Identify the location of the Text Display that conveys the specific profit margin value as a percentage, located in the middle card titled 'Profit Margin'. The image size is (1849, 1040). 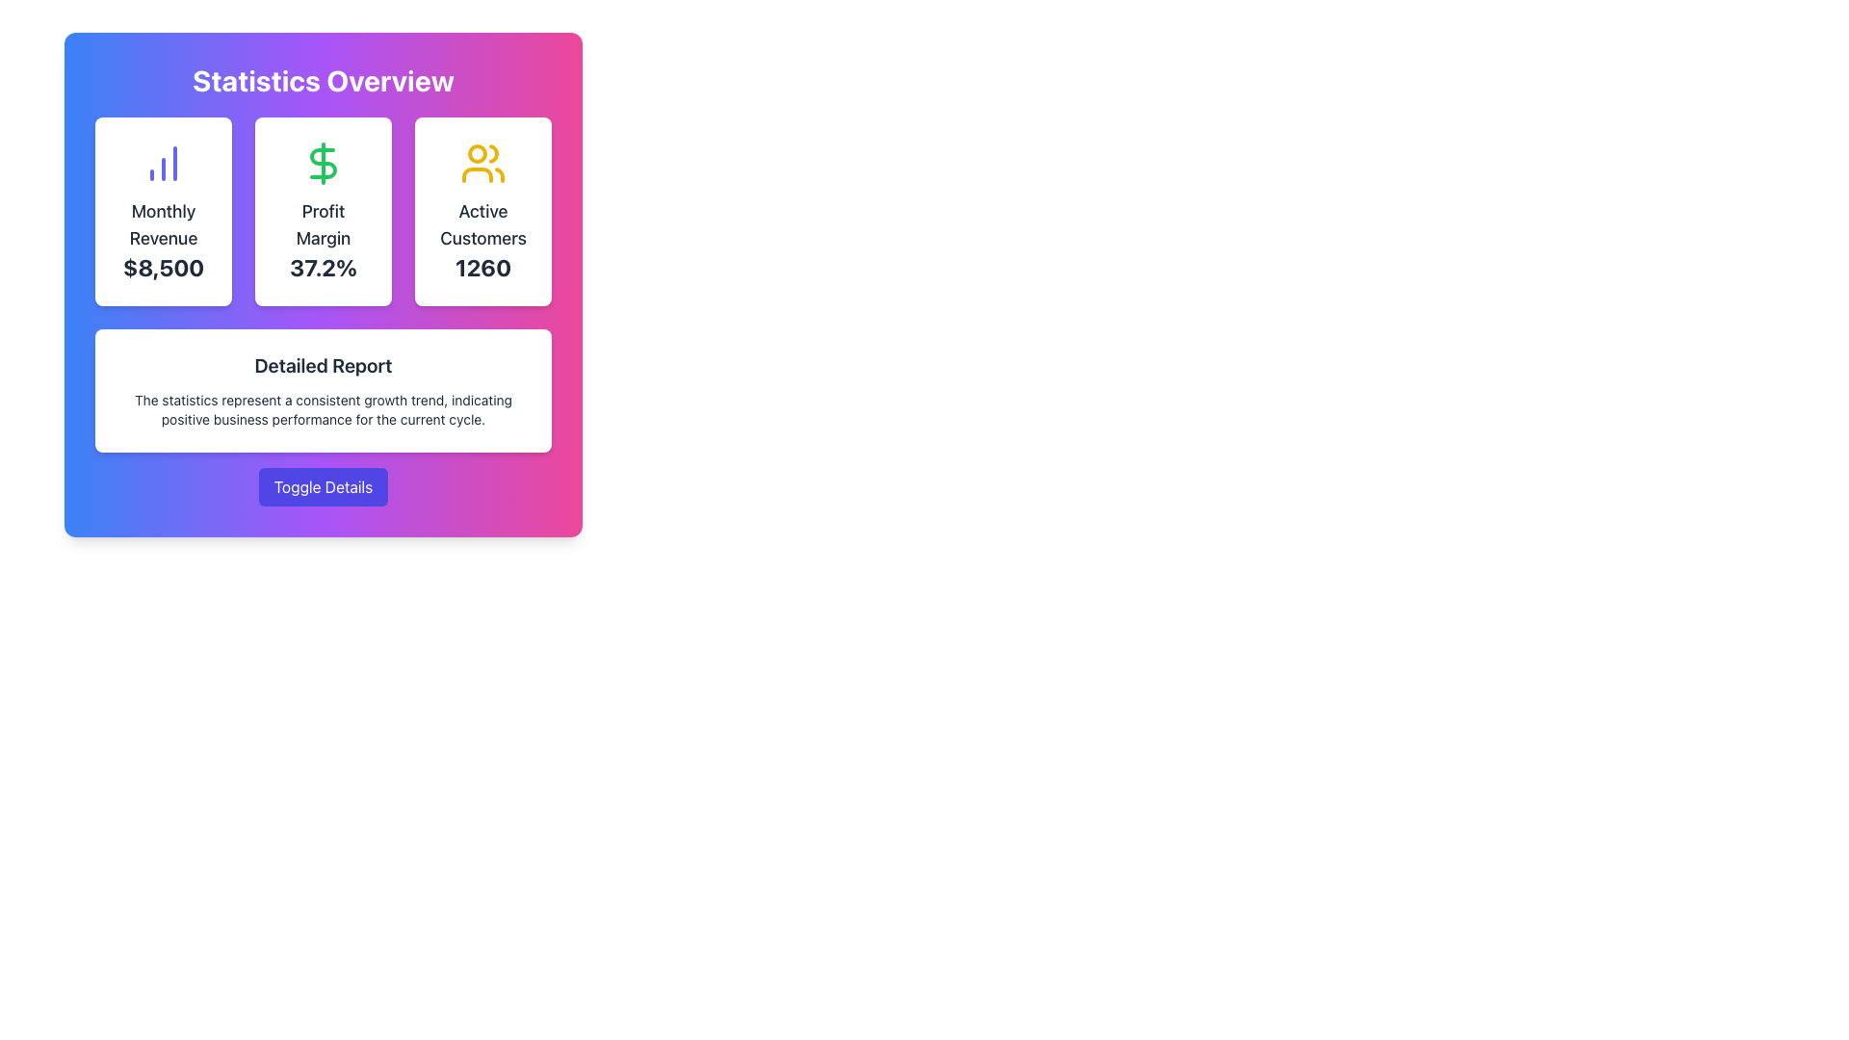
(324, 267).